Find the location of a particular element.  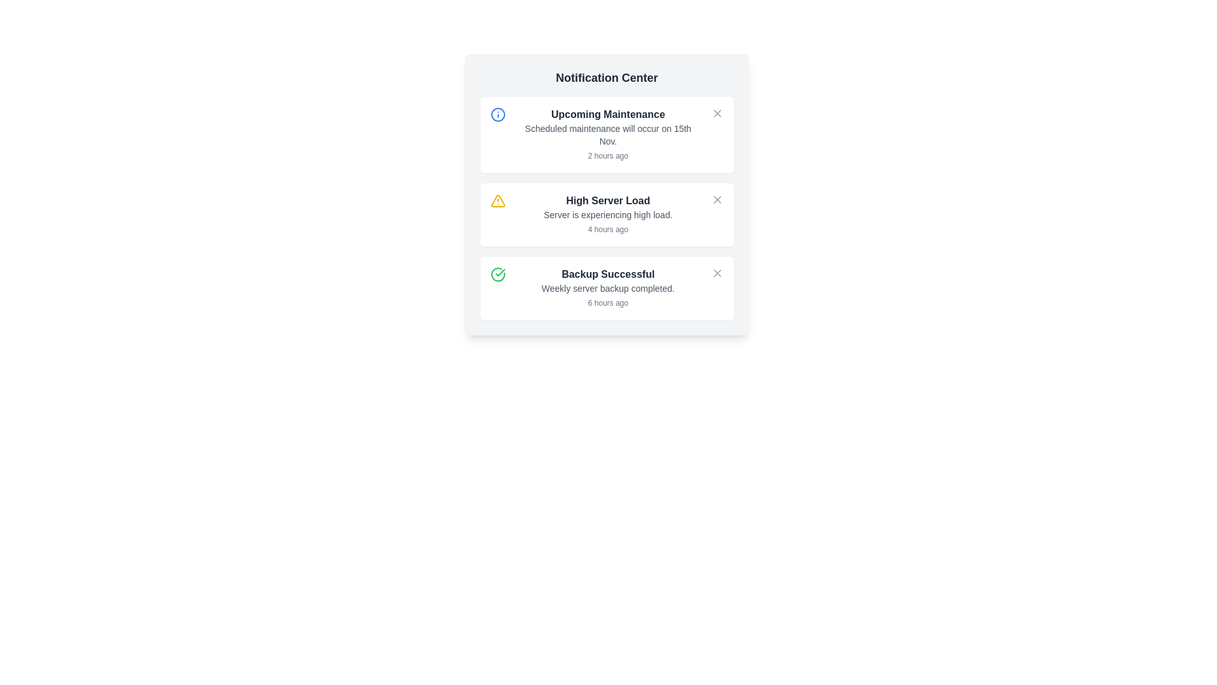

the informational icon located at the top-left corner of the 'Upcoming Maintenance' notification card to observe its visual significance is located at coordinates (497, 115).